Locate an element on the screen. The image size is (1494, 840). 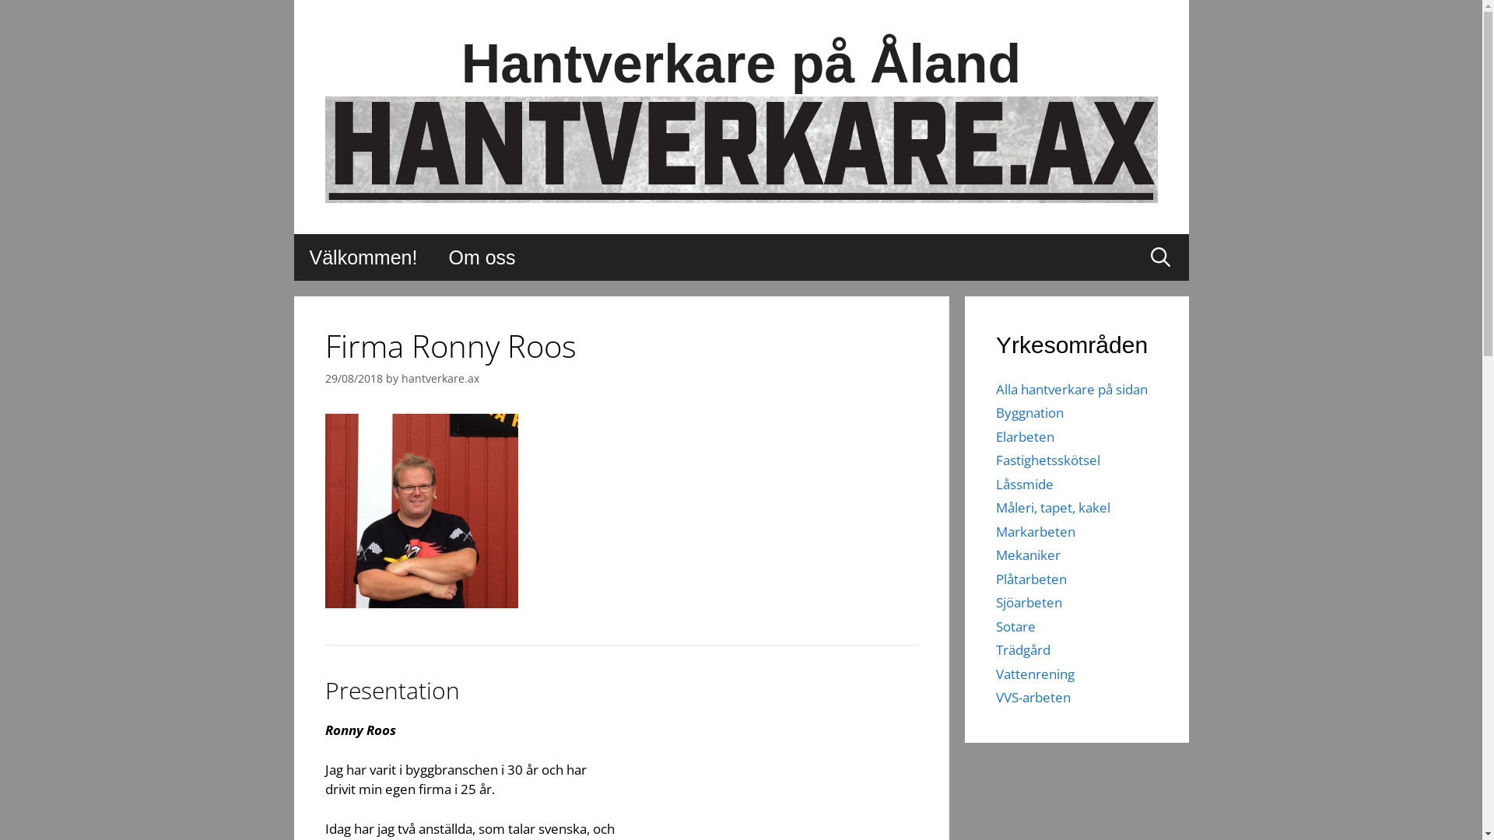
'Byggnation' is located at coordinates (1029, 411).